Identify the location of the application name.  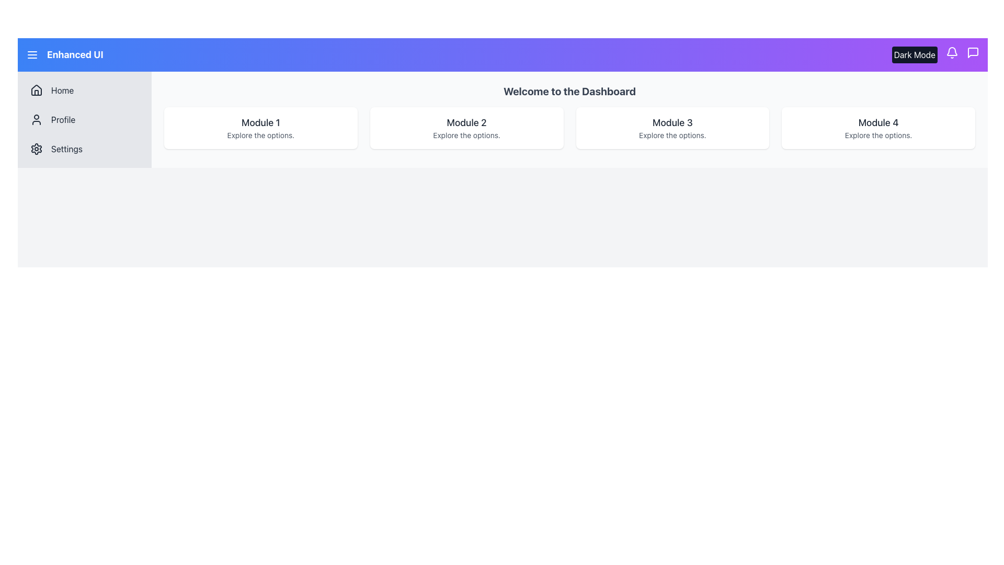
(74, 54).